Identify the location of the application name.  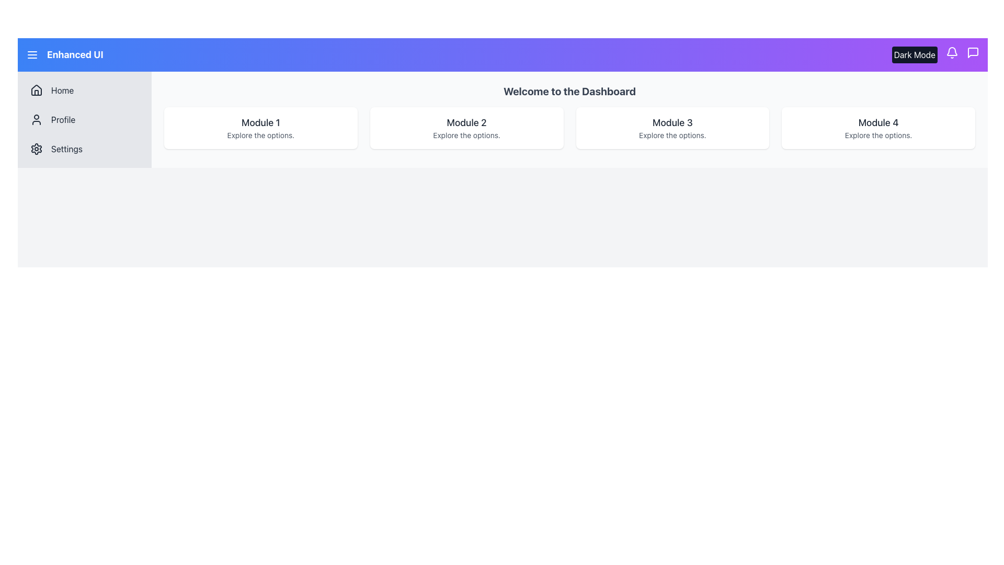
(74, 54).